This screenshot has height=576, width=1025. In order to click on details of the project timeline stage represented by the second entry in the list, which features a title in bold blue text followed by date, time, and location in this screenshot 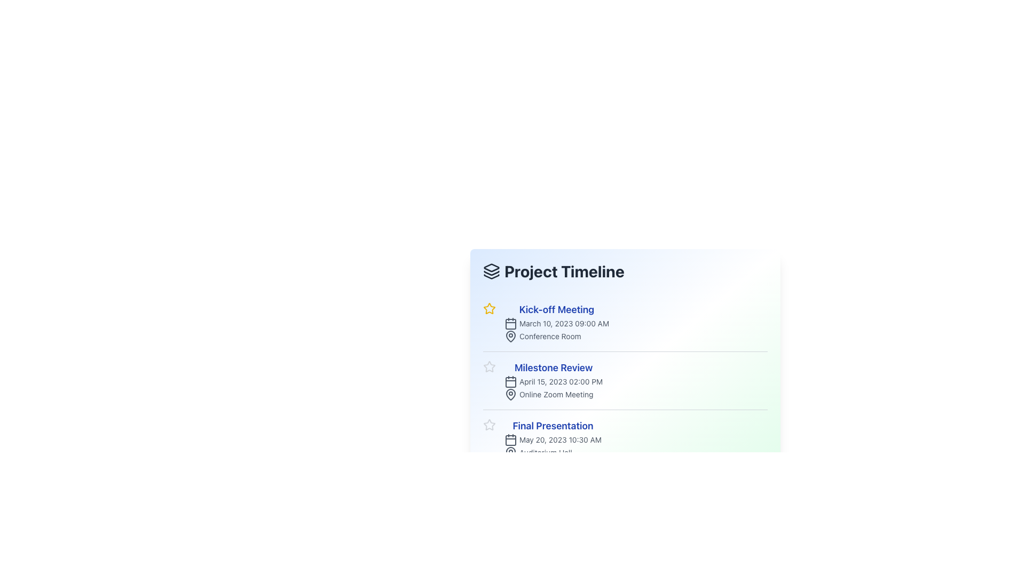, I will do `click(625, 381)`.